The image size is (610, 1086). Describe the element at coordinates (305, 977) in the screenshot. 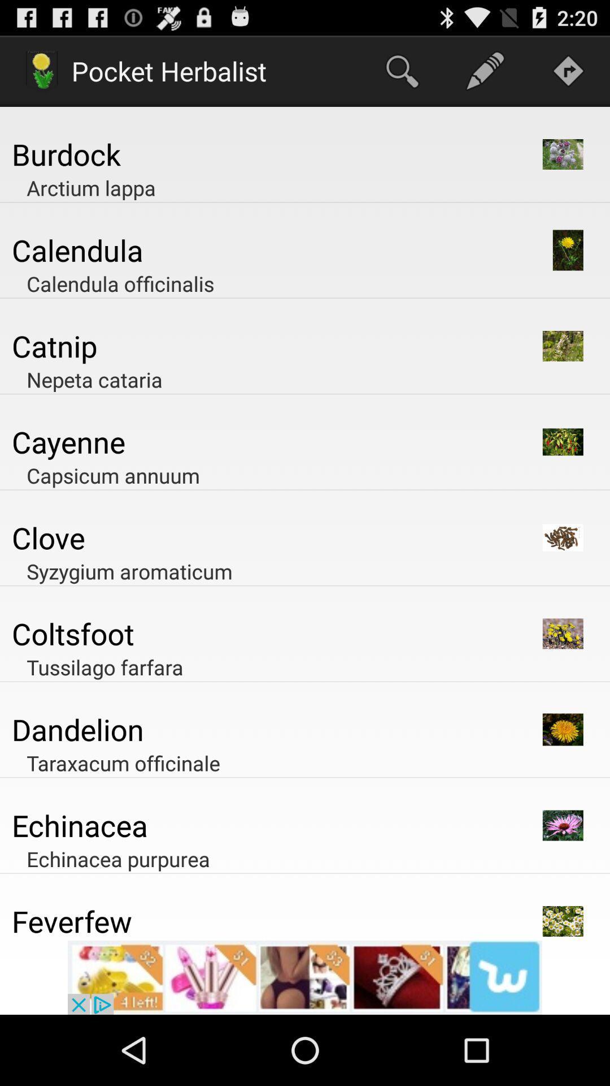

I see `its an advertisement popup` at that location.